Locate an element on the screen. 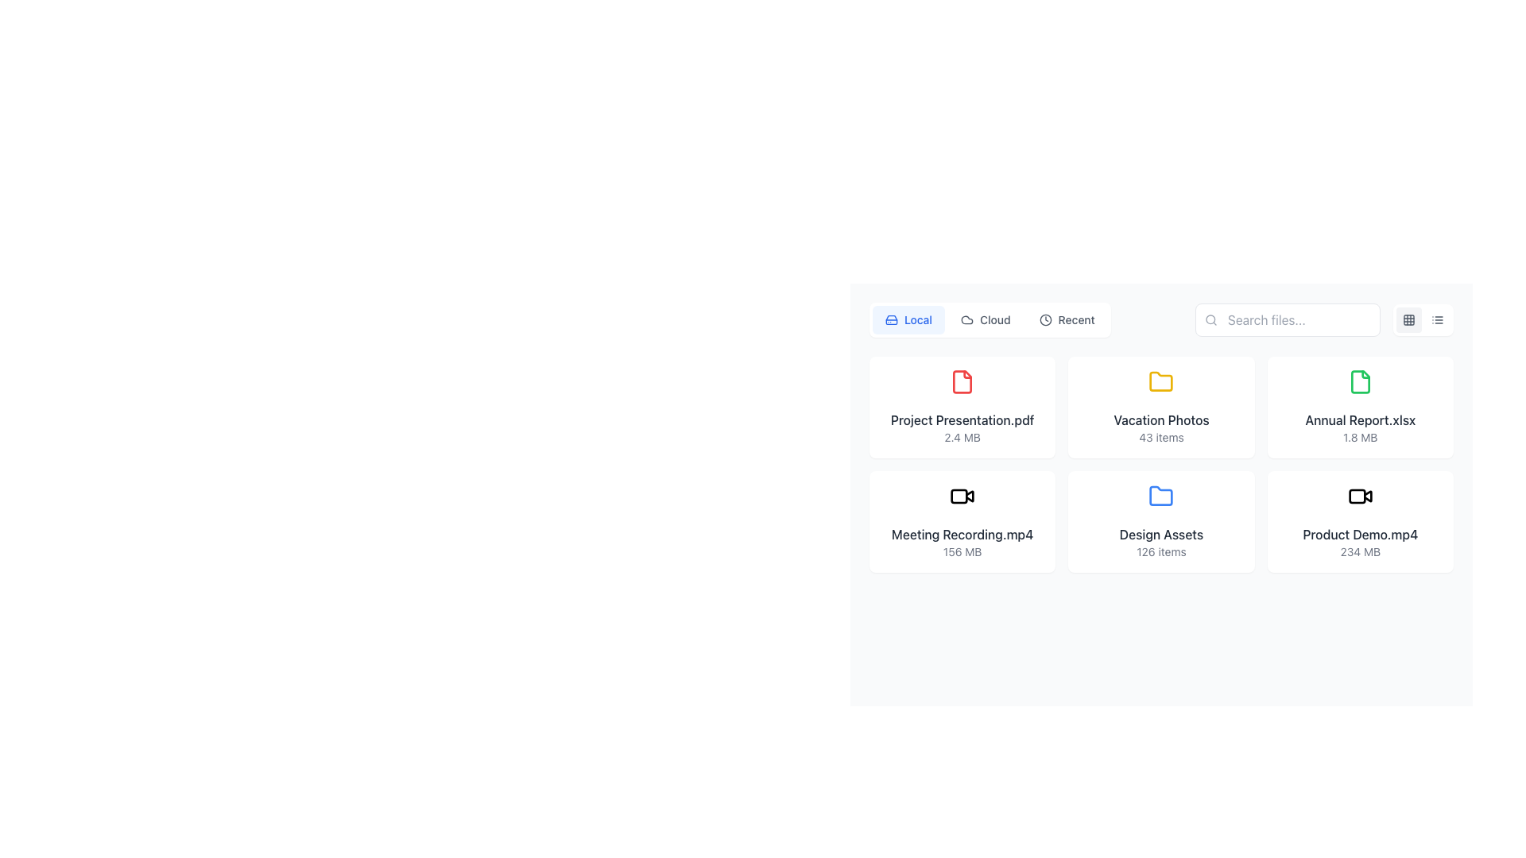 The image size is (1526, 858). the File preview component for 'Meeting Recording.mp4' in the second column of the second row is located at coordinates (962, 521).